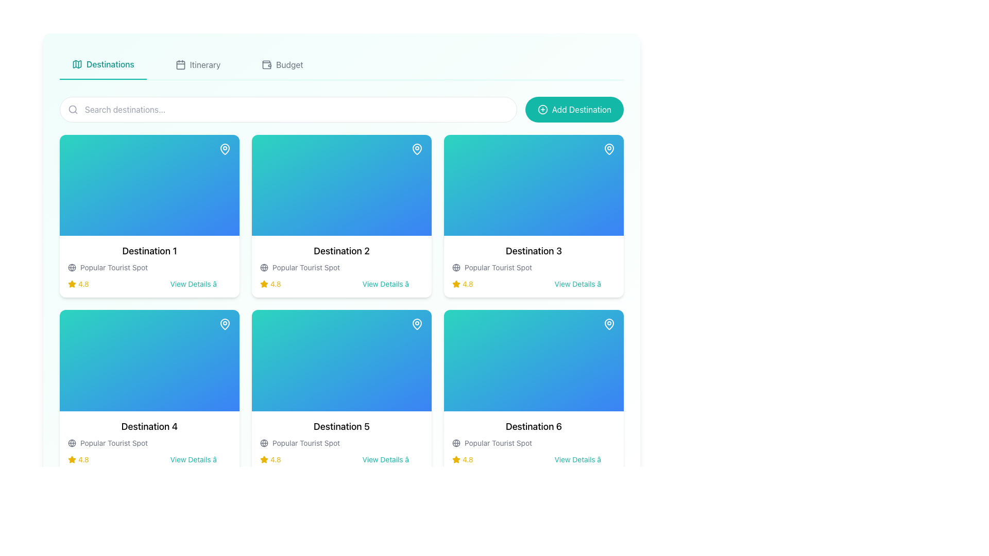 The image size is (989, 556). What do you see at coordinates (609, 149) in the screenshot?
I see `the map pin icon located at the top-right corner inside the card labeled 'Destination 3' to interact with the location marker` at bounding box center [609, 149].